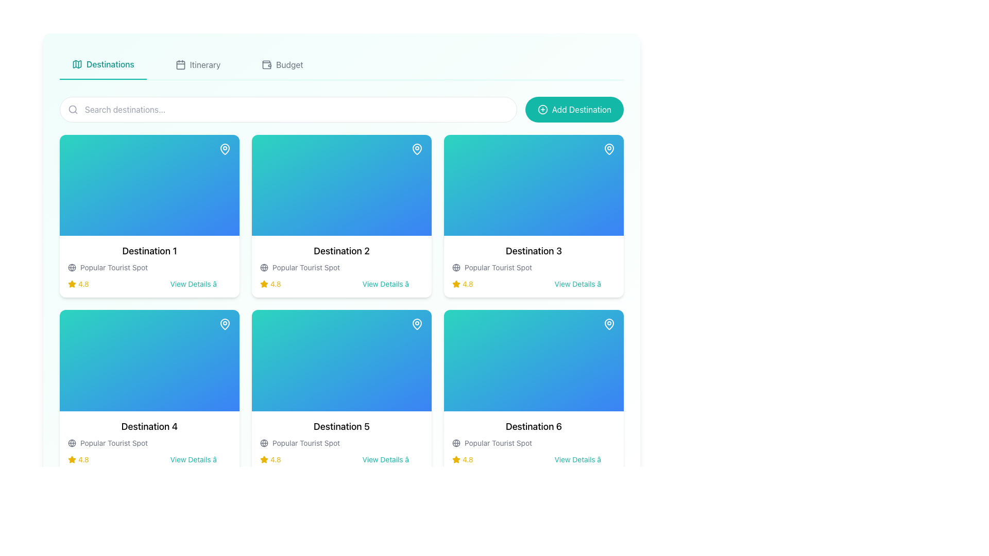 The image size is (989, 556). What do you see at coordinates (609, 149) in the screenshot?
I see `the map pin icon located at the top-right corner inside the card labeled 'Destination 3' to interact with the location marker` at bounding box center [609, 149].